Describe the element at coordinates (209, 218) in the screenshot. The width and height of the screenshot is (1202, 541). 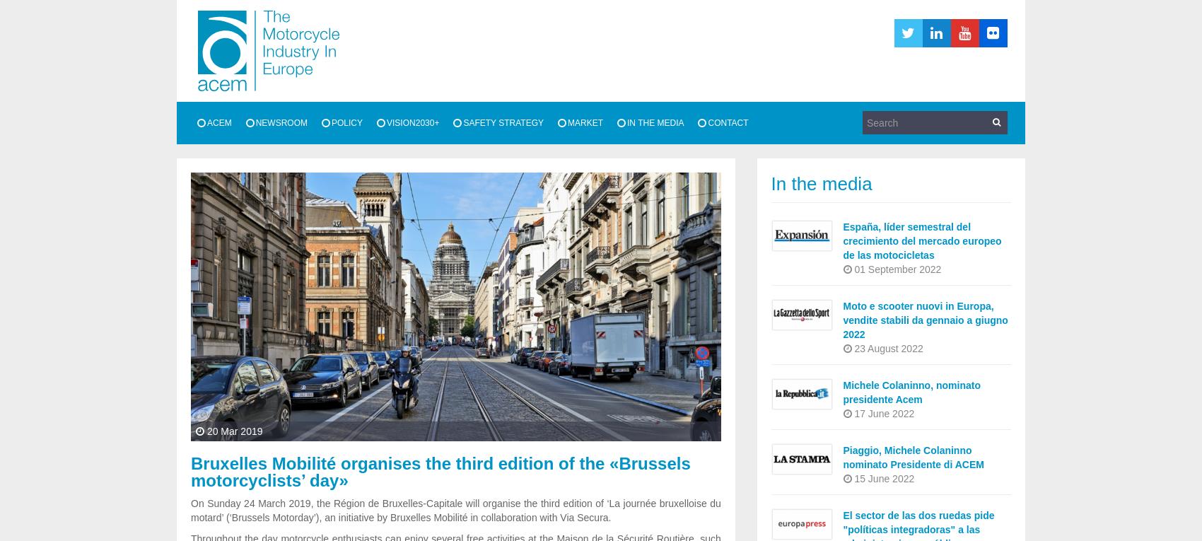
I see `'Members'` at that location.